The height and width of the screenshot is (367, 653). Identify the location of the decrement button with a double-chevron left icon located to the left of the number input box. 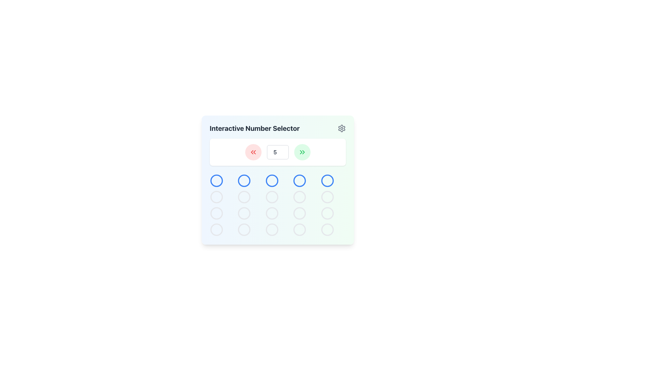
(253, 152).